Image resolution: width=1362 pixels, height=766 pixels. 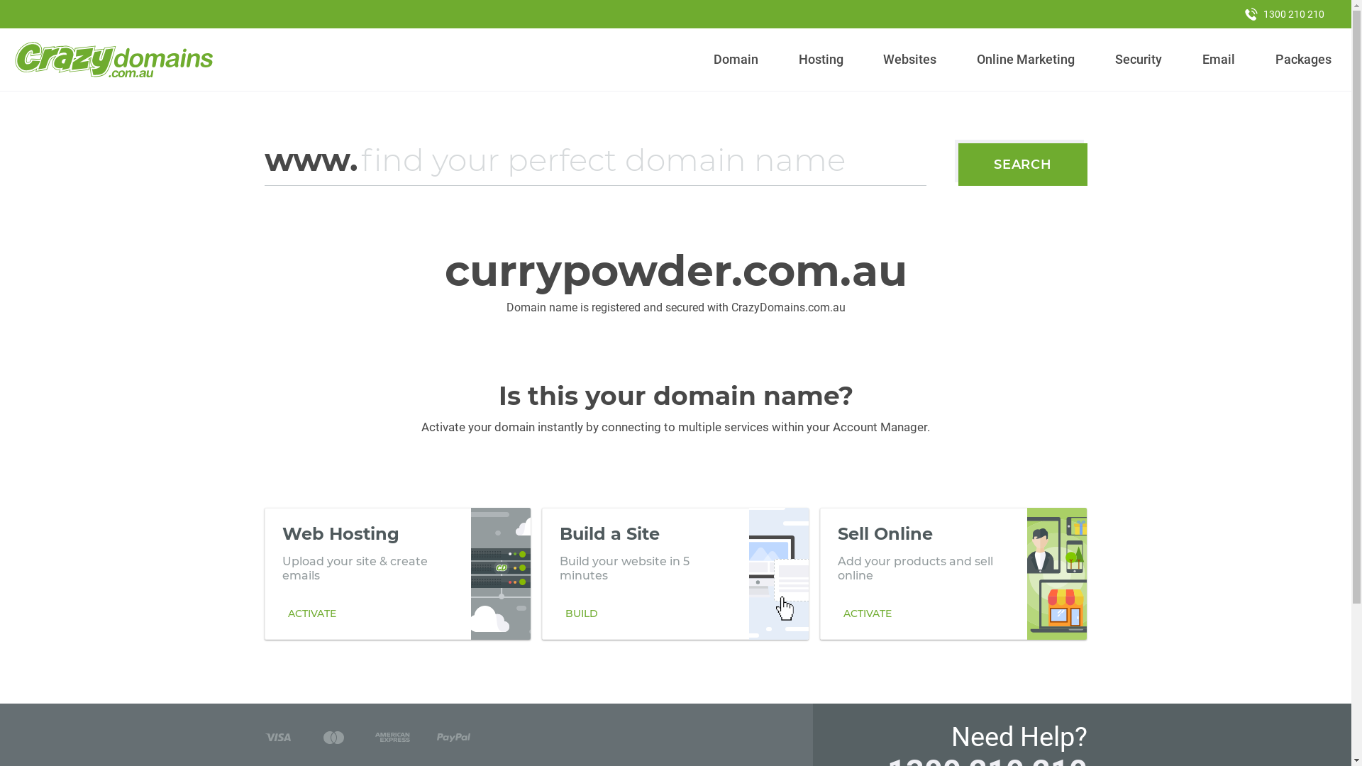 I want to click on 'Security', so click(x=1109, y=59).